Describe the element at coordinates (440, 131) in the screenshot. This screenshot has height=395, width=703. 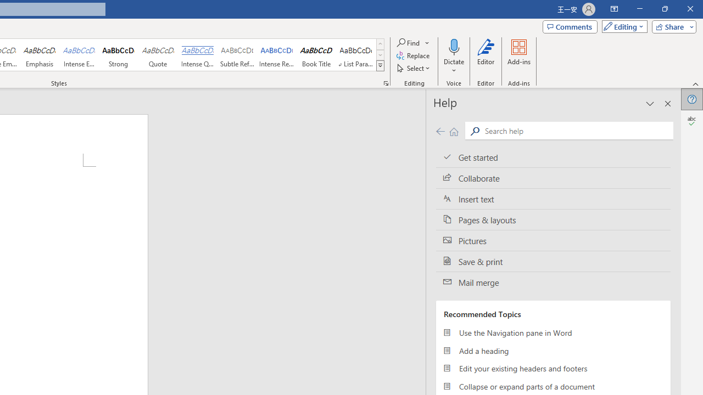
I see `'Previous page'` at that location.